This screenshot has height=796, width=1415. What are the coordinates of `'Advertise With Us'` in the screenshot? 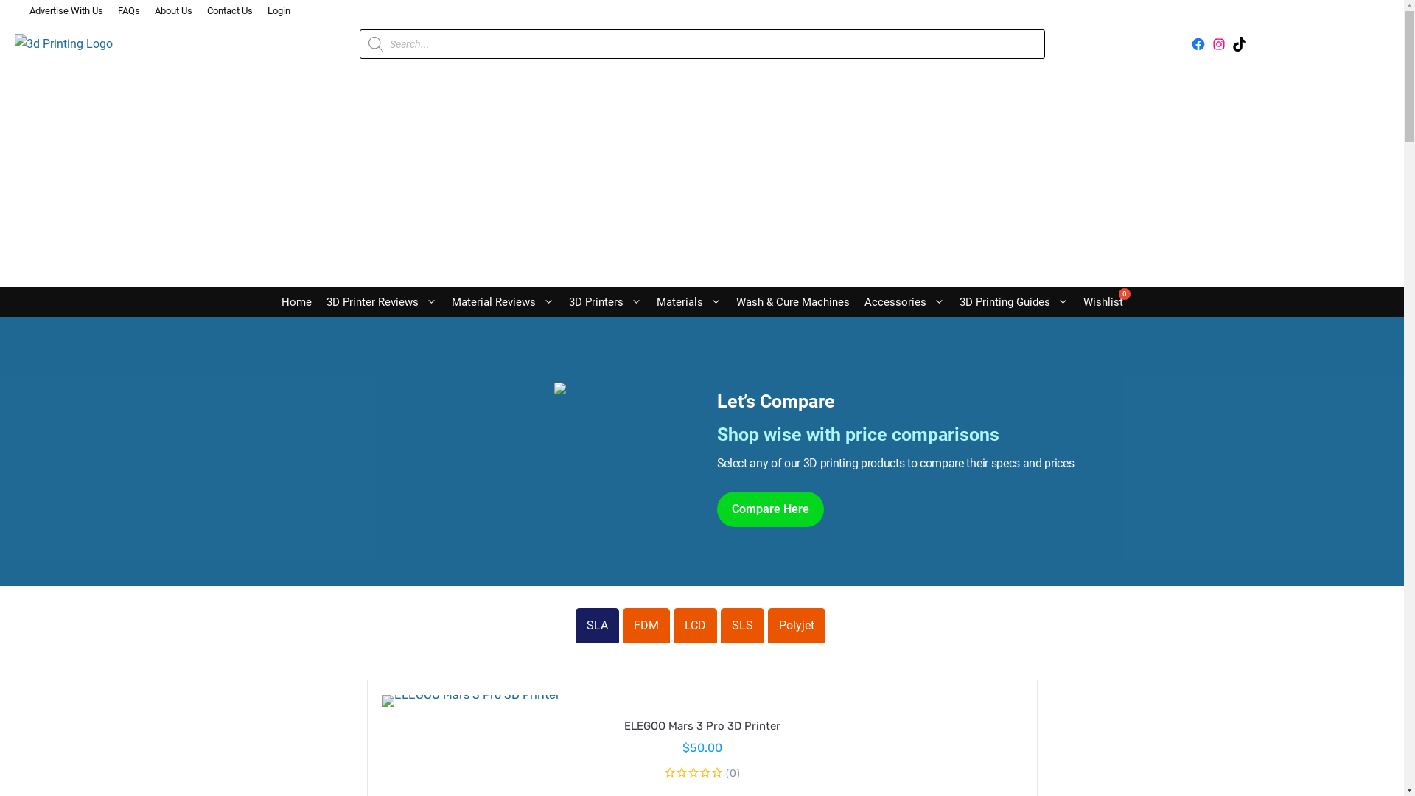 It's located at (66, 11).